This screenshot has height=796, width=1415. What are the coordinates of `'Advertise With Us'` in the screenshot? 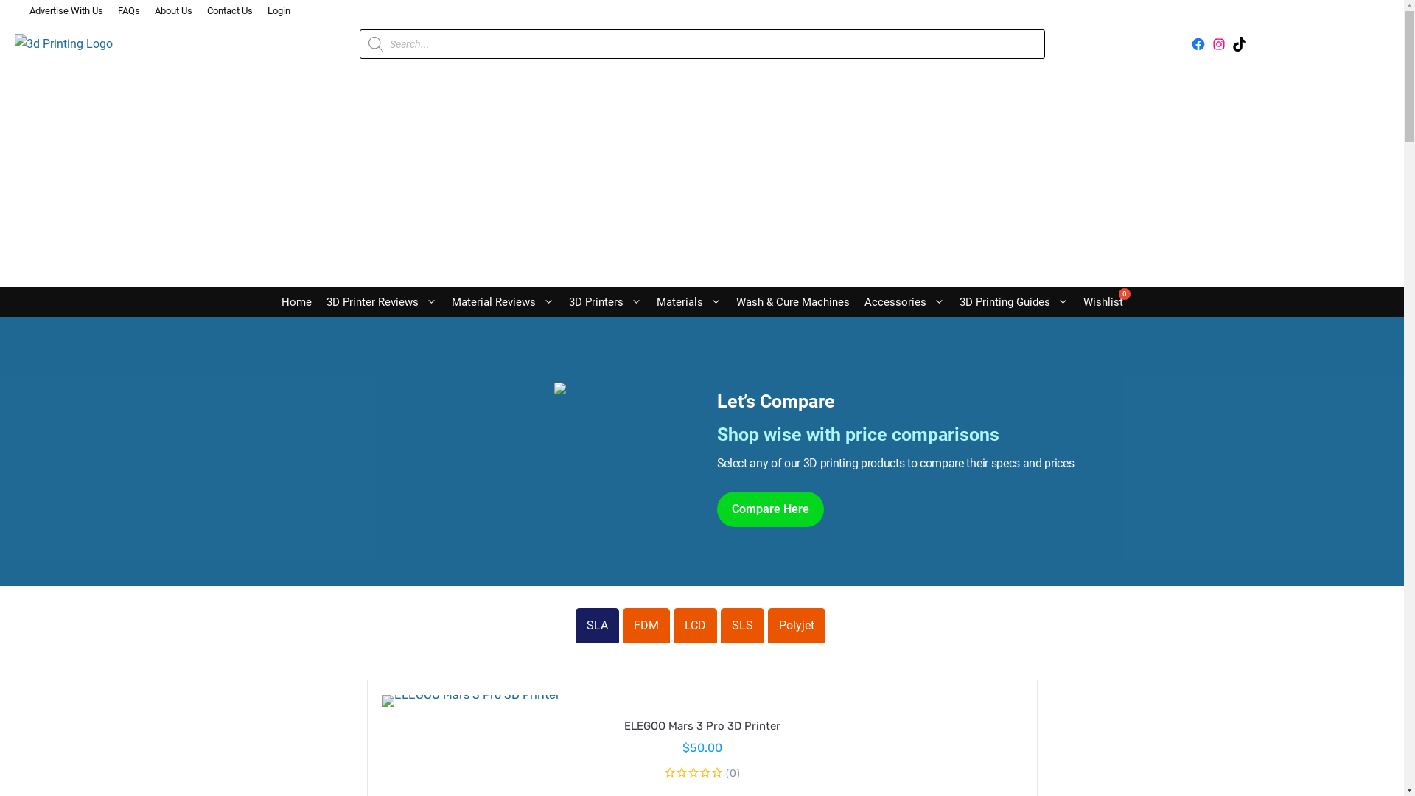 It's located at (66, 11).